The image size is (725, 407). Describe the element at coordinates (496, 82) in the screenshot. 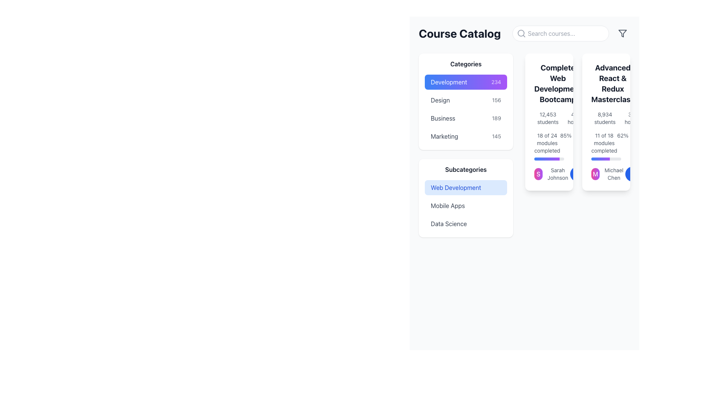

I see `the text label displaying the number '234' located in the 'Development' category section` at that location.